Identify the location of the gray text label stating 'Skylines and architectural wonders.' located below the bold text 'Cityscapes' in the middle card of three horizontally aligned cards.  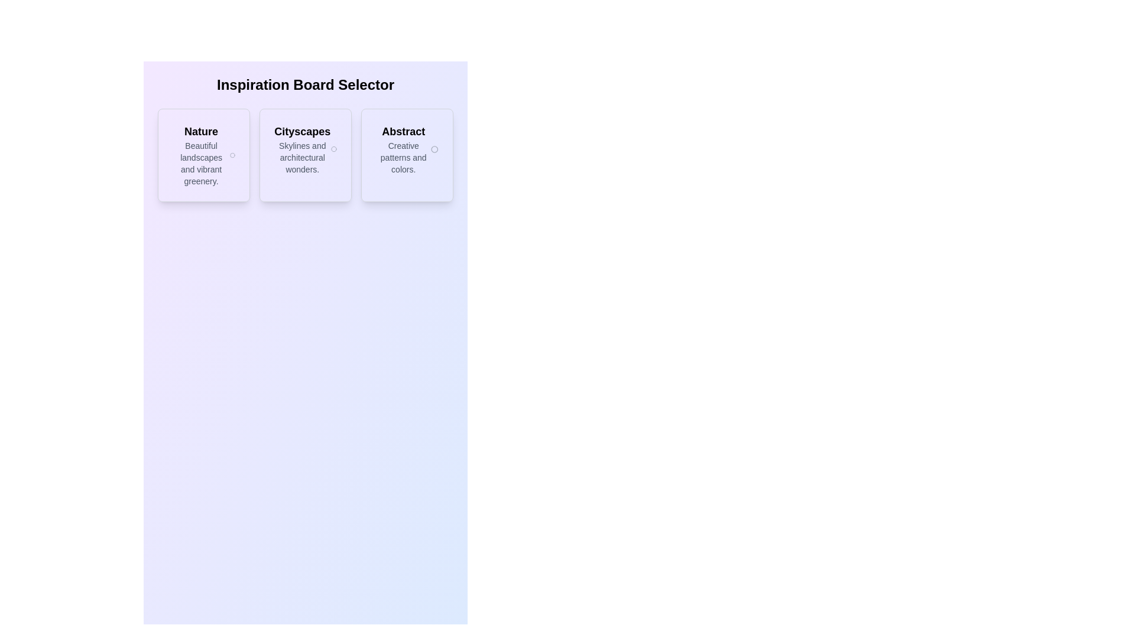
(302, 157).